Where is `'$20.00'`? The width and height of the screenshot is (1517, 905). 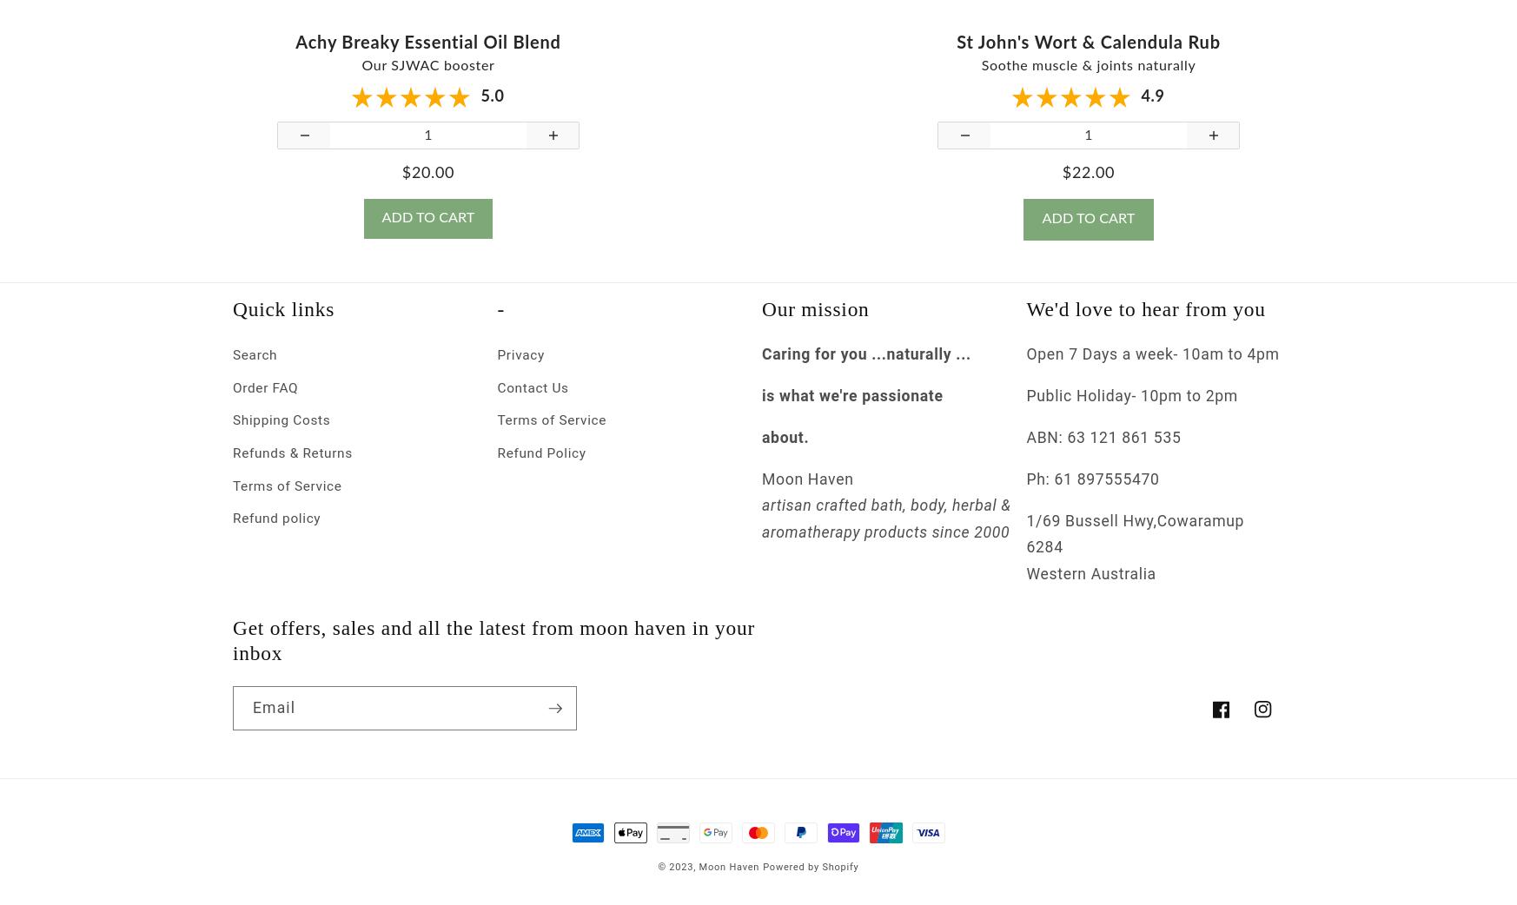 '$20.00' is located at coordinates (427, 185).